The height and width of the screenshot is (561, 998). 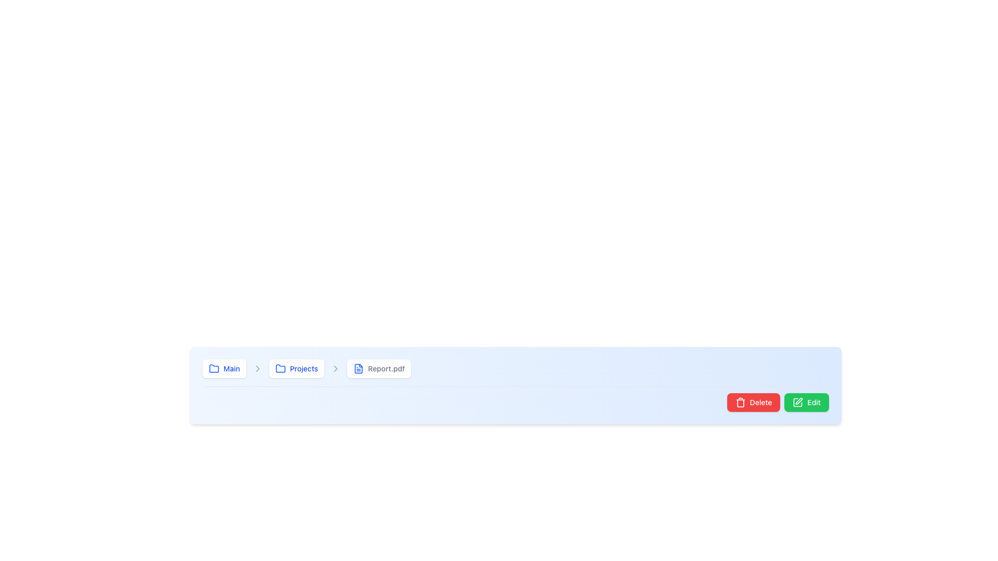 What do you see at coordinates (257, 368) in the screenshot?
I see `the chevron arrow icon styled as a breadcrumb separator, located between the 'Main' and 'Projects' sections` at bounding box center [257, 368].